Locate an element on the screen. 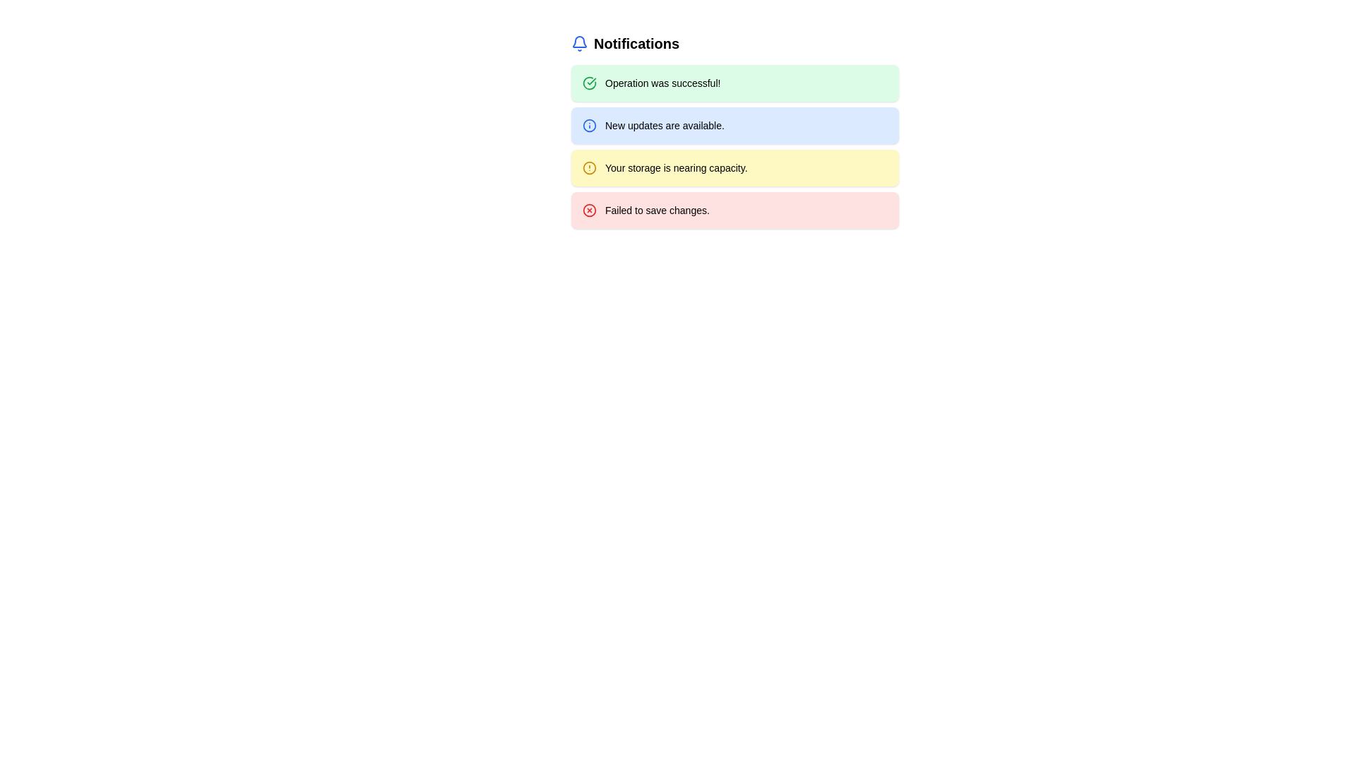 This screenshot has width=1356, height=763. the appearance of the notification icon indicating new updates, positioned at the far left of the notification box that states 'New updates are available.' is located at coordinates (590, 124).